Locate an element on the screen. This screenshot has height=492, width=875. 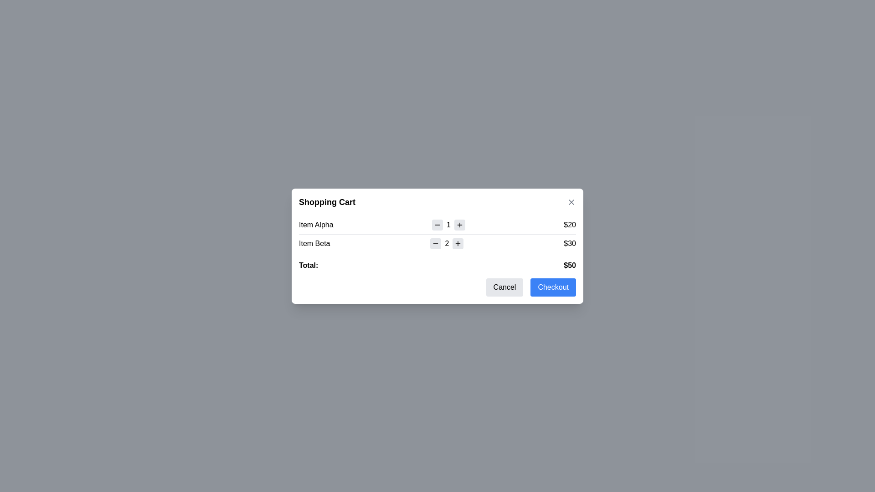
the text label displaying the total price for the items in the shopping cart, located on the rightmost end of the row labeled 'Total:' is located at coordinates (569, 265).